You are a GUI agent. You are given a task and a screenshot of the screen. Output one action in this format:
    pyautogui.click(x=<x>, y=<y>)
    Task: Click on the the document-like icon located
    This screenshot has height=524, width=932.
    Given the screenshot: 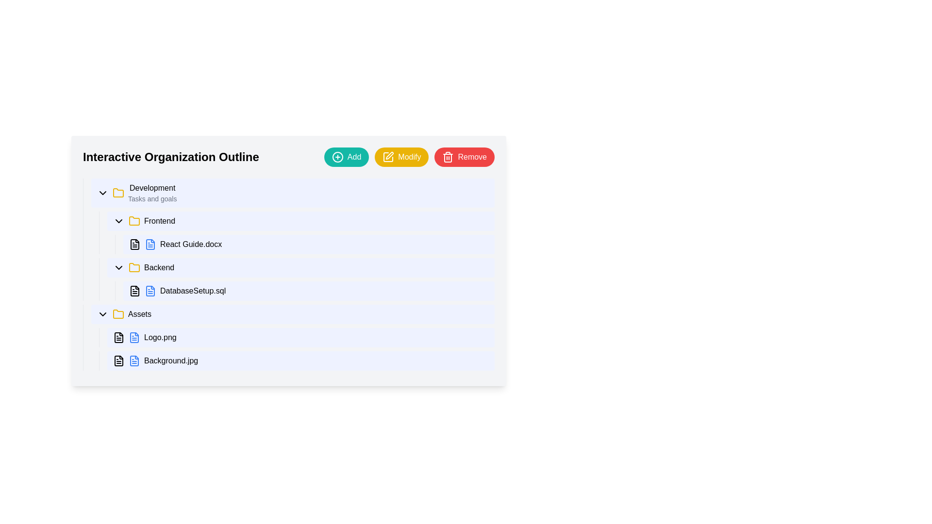 What is the action you would take?
    pyautogui.click(x=118, y=337)
    